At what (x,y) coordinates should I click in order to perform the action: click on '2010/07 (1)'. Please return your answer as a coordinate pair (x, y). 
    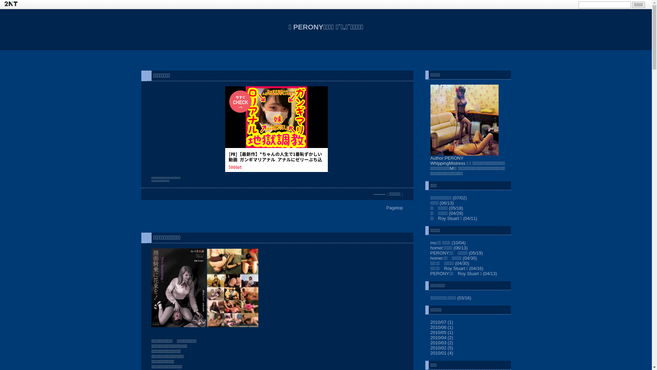
    Looking at the image, I should click on (442, 322).